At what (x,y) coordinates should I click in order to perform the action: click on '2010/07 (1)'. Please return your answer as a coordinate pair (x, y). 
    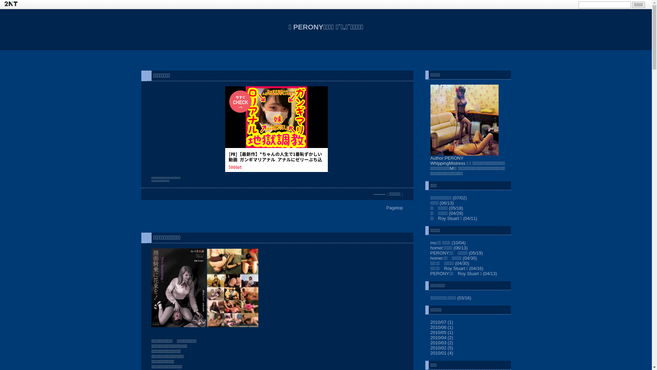
    Looking at the image, I should click on (442, 322).